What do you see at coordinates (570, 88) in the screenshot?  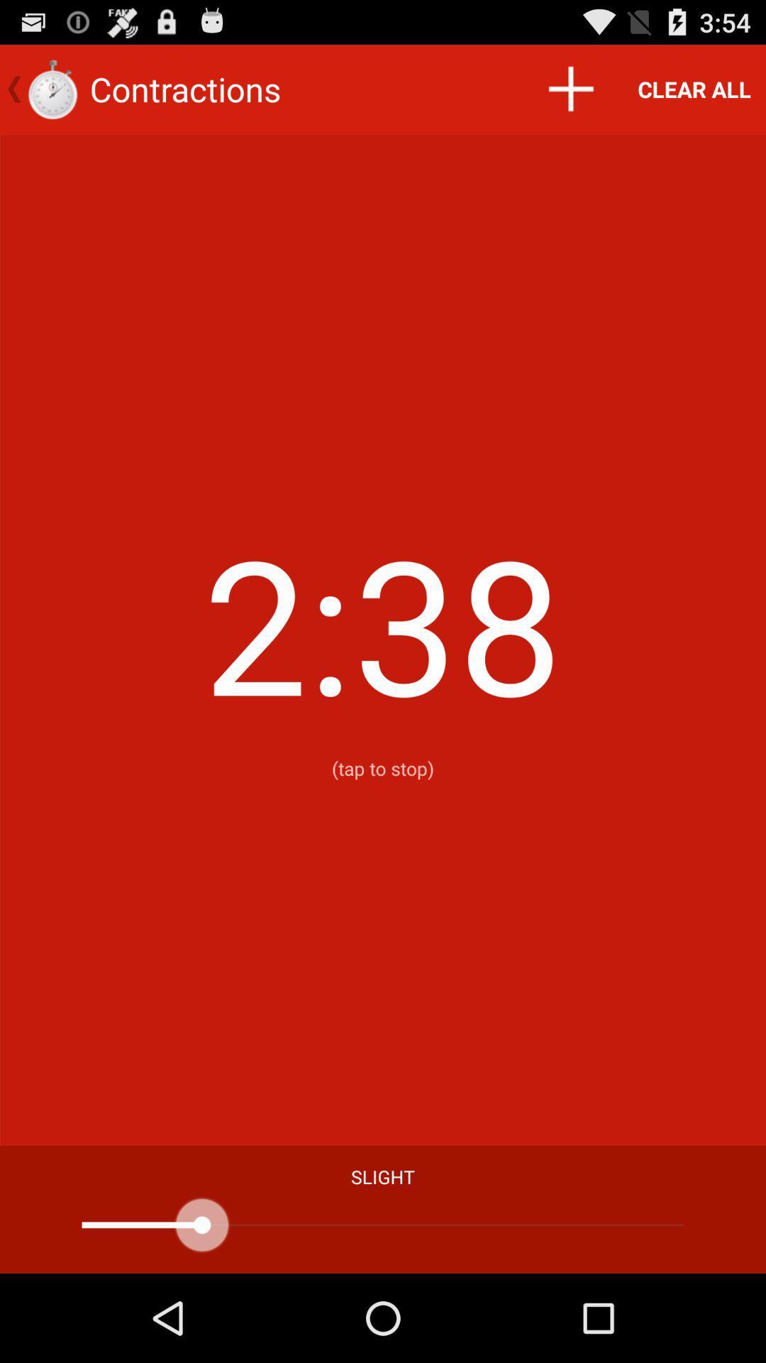 I see `the icon next to contractions icon` at bounding box center [570, 88].